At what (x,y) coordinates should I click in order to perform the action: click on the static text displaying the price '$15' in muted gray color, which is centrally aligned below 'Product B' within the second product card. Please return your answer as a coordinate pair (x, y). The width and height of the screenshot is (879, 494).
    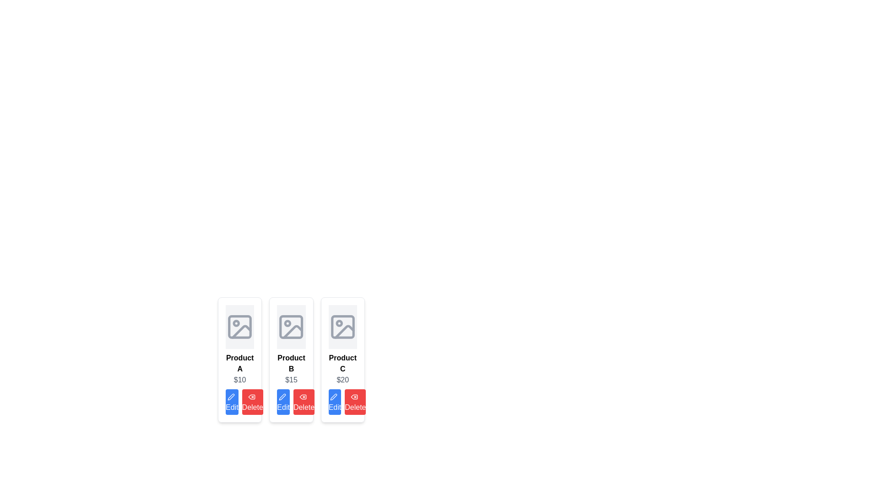
    Looking at the image, I should click on (291, 380).